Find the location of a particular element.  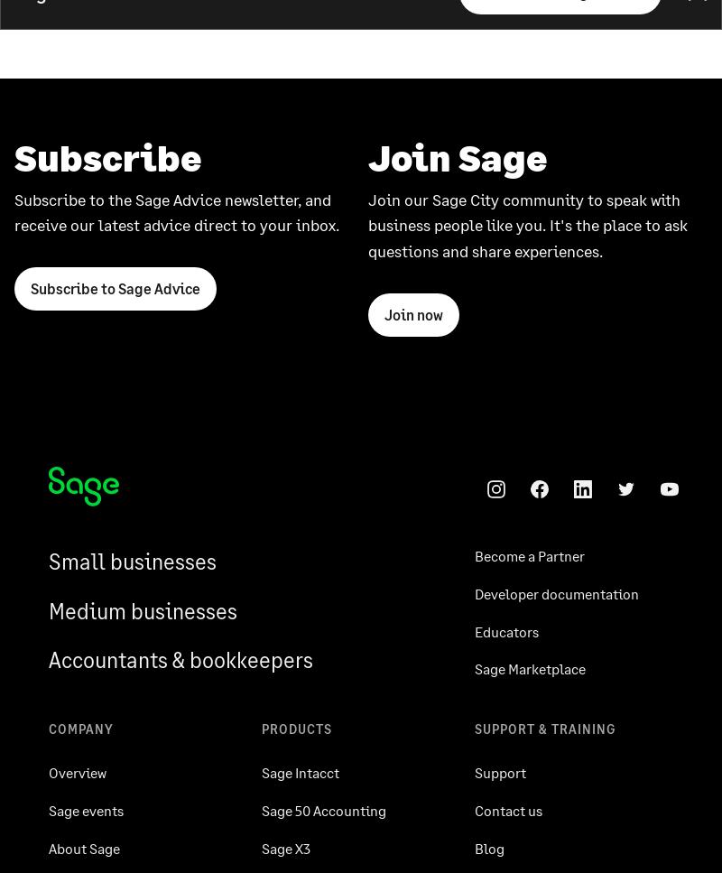

'Sage X3' is located at coordinates (284, 846).